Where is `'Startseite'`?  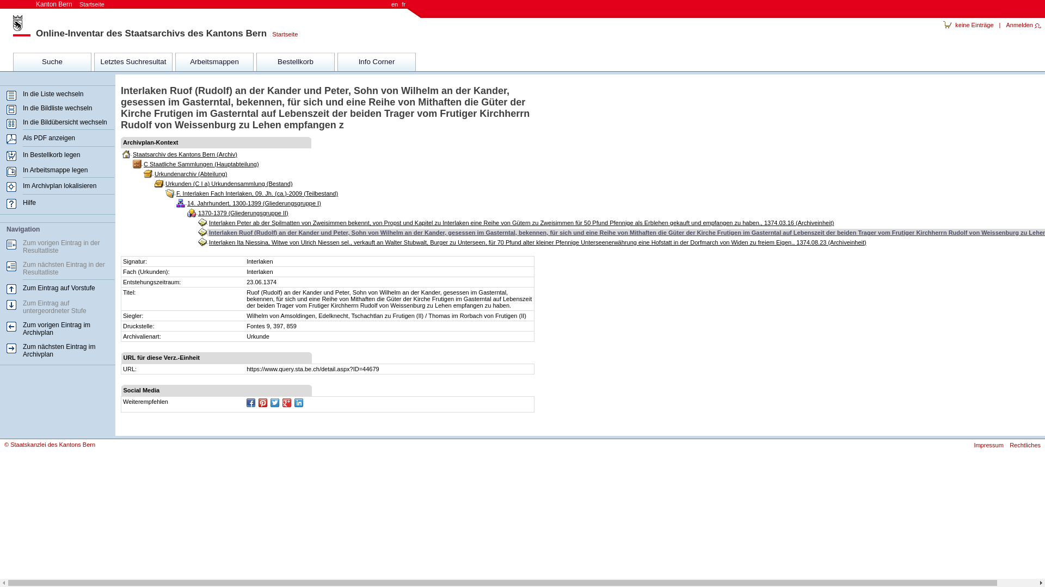 'Startseite' is located at coordinates (282, 33).